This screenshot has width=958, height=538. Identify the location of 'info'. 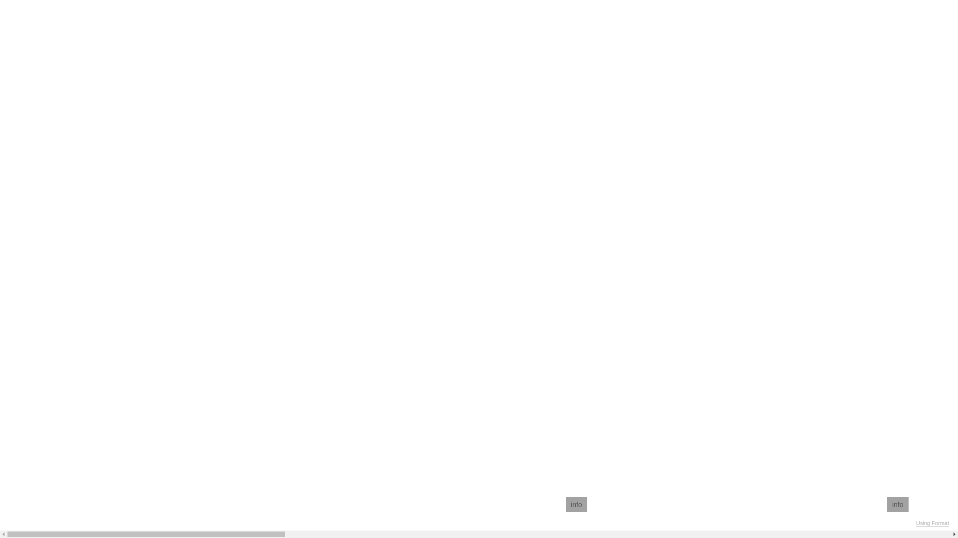
(898, 505).